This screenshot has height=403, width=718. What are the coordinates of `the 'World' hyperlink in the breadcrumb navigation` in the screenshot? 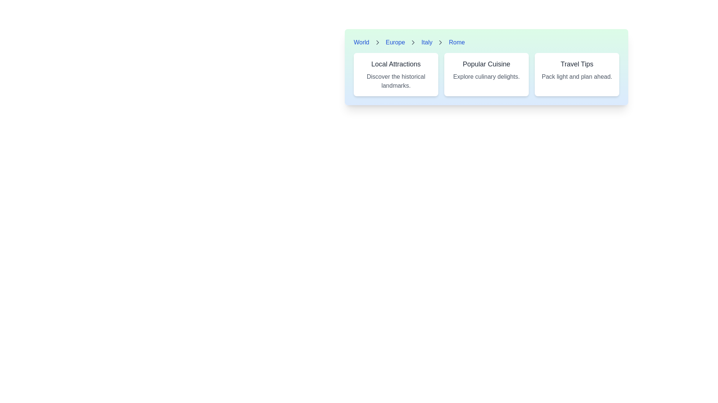 It's located at (361, 43).